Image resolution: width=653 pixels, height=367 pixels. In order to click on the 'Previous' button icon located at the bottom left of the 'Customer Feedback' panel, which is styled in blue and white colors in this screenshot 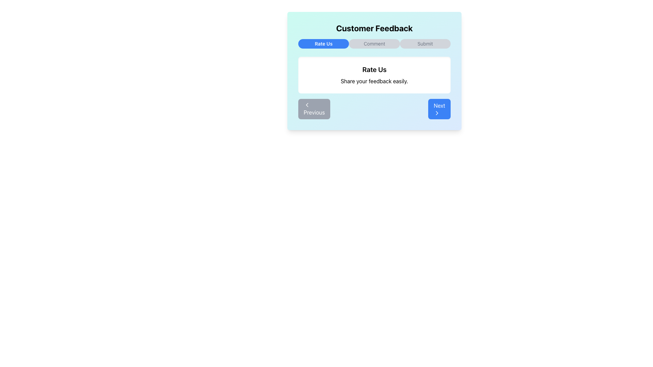, I will do `click(306, 105)`.